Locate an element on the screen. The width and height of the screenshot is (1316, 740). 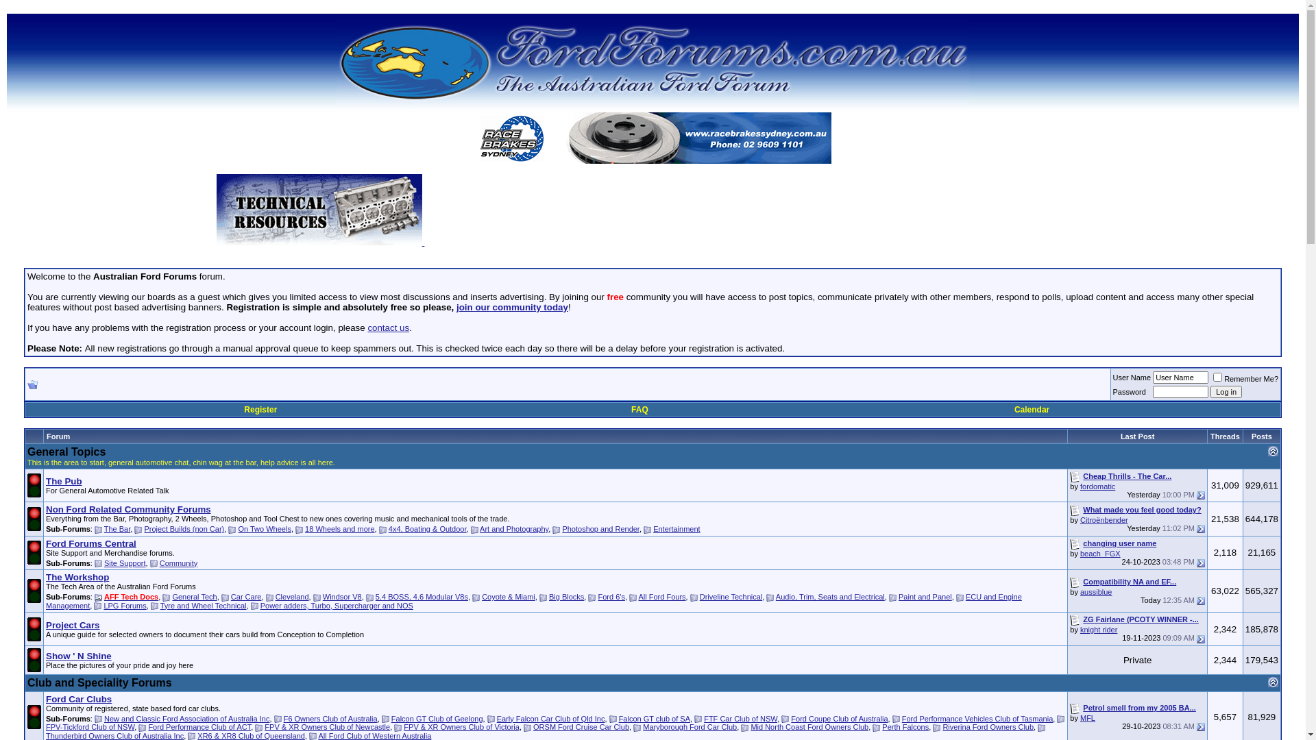
'Ford Forums Central' is located at coordinates (90, 543).